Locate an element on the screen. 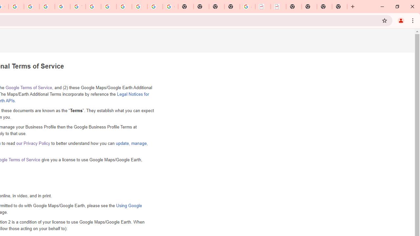  'Privacy Help Center - Policies Help' is located at coordinates (31, 7).